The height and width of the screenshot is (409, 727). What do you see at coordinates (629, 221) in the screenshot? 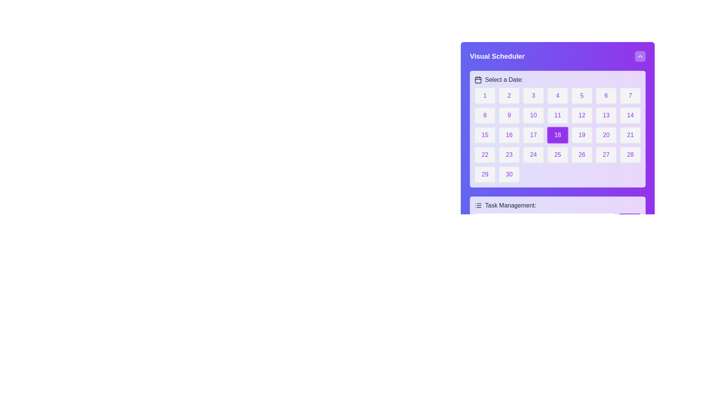
I see `the button for adding a new task located near the bottom right section of the interface` at bounding box center [629, 221].